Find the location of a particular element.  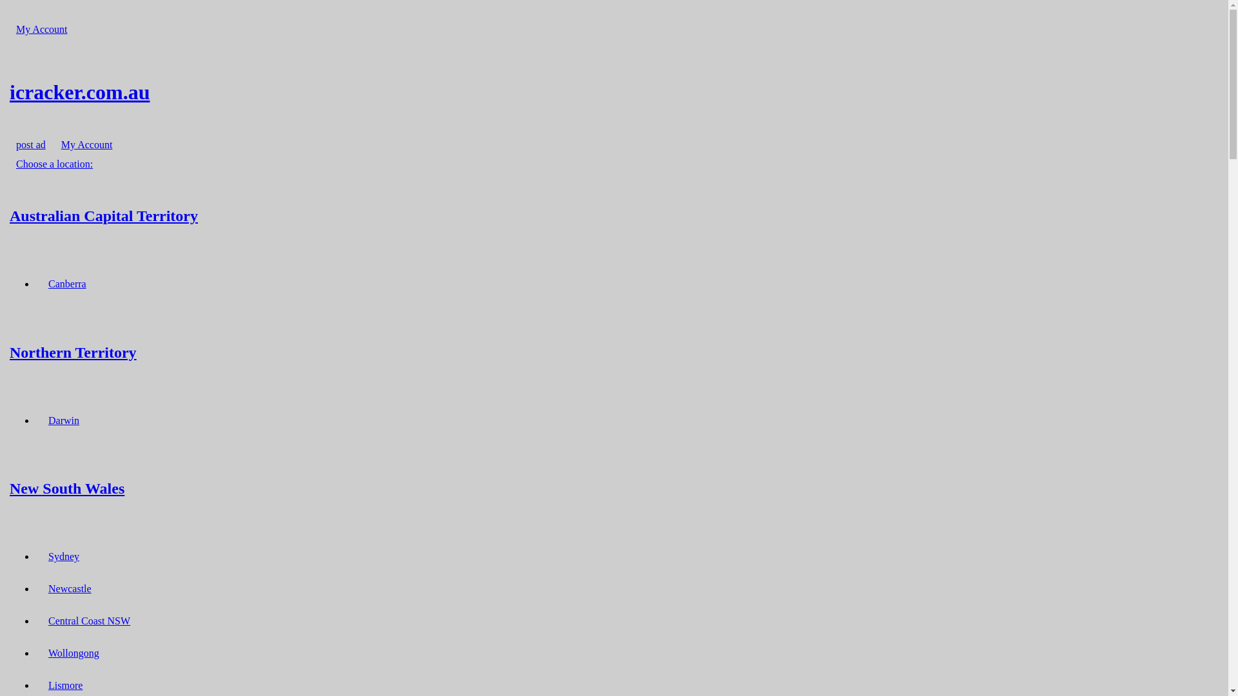

'Sydney' is located at coordinates (42, 556).